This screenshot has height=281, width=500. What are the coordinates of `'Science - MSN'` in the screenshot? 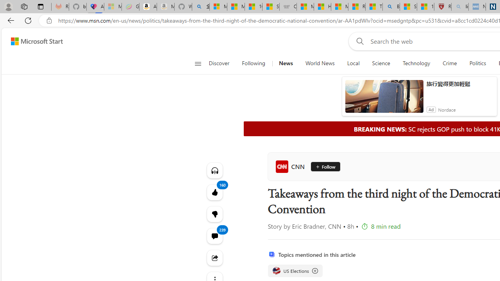 It's located at (408, 7).